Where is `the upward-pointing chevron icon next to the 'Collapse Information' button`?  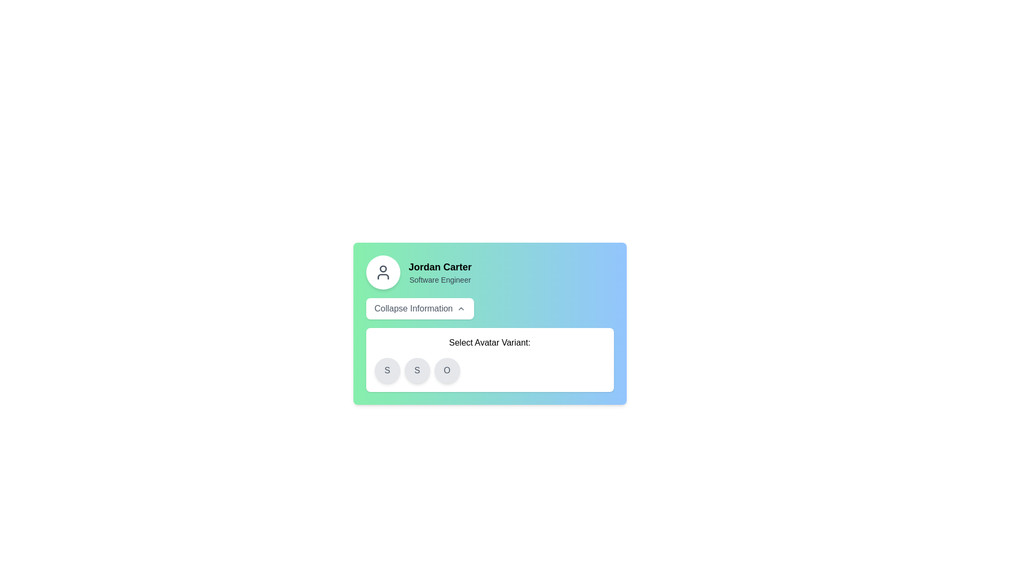
the upward-pointing chevron icon next to the 'Collapse Information' button is located at coordinates (461, 308).